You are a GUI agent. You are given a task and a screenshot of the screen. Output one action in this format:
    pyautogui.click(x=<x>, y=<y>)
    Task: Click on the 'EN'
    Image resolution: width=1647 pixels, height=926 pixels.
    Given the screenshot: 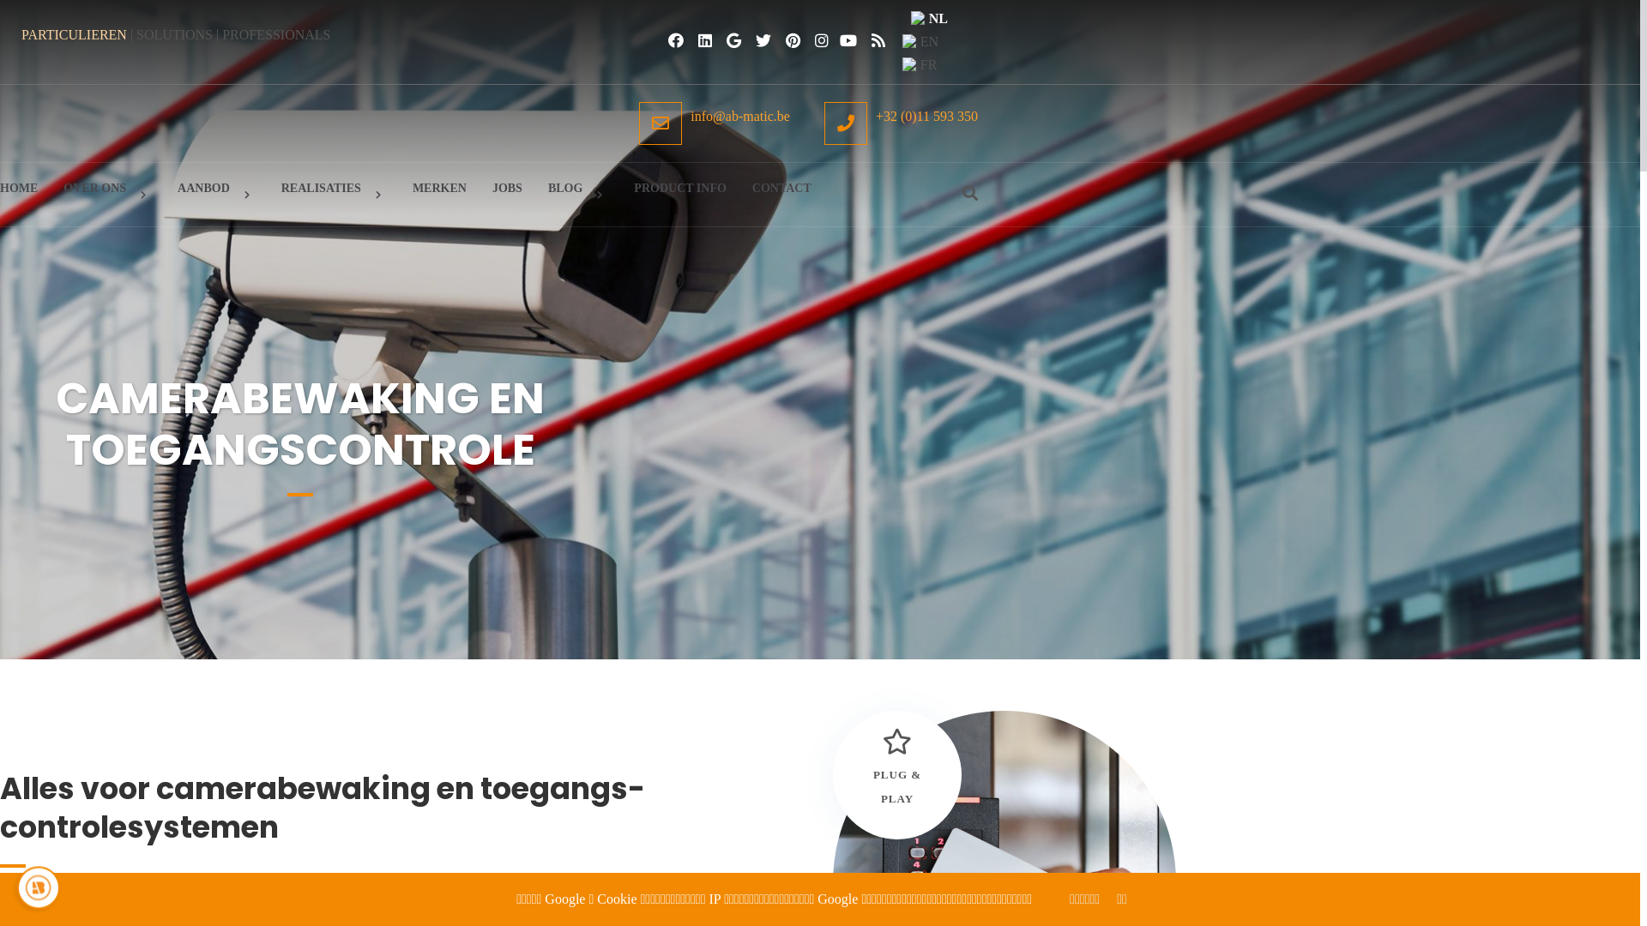 What is the action you would take?
    pyautogui.click(x=928, y=40)
    